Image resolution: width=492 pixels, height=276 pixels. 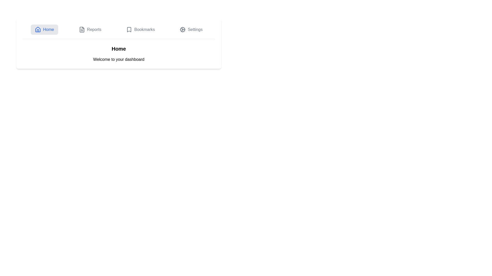 What do you see at coordinates (81, 29) in the screenshot?
I see `the 'Reports' SVG Icon located to the left of the 'Reports' text in the navigation bar, which is the second element from the left` at bounding box center [81, 29].